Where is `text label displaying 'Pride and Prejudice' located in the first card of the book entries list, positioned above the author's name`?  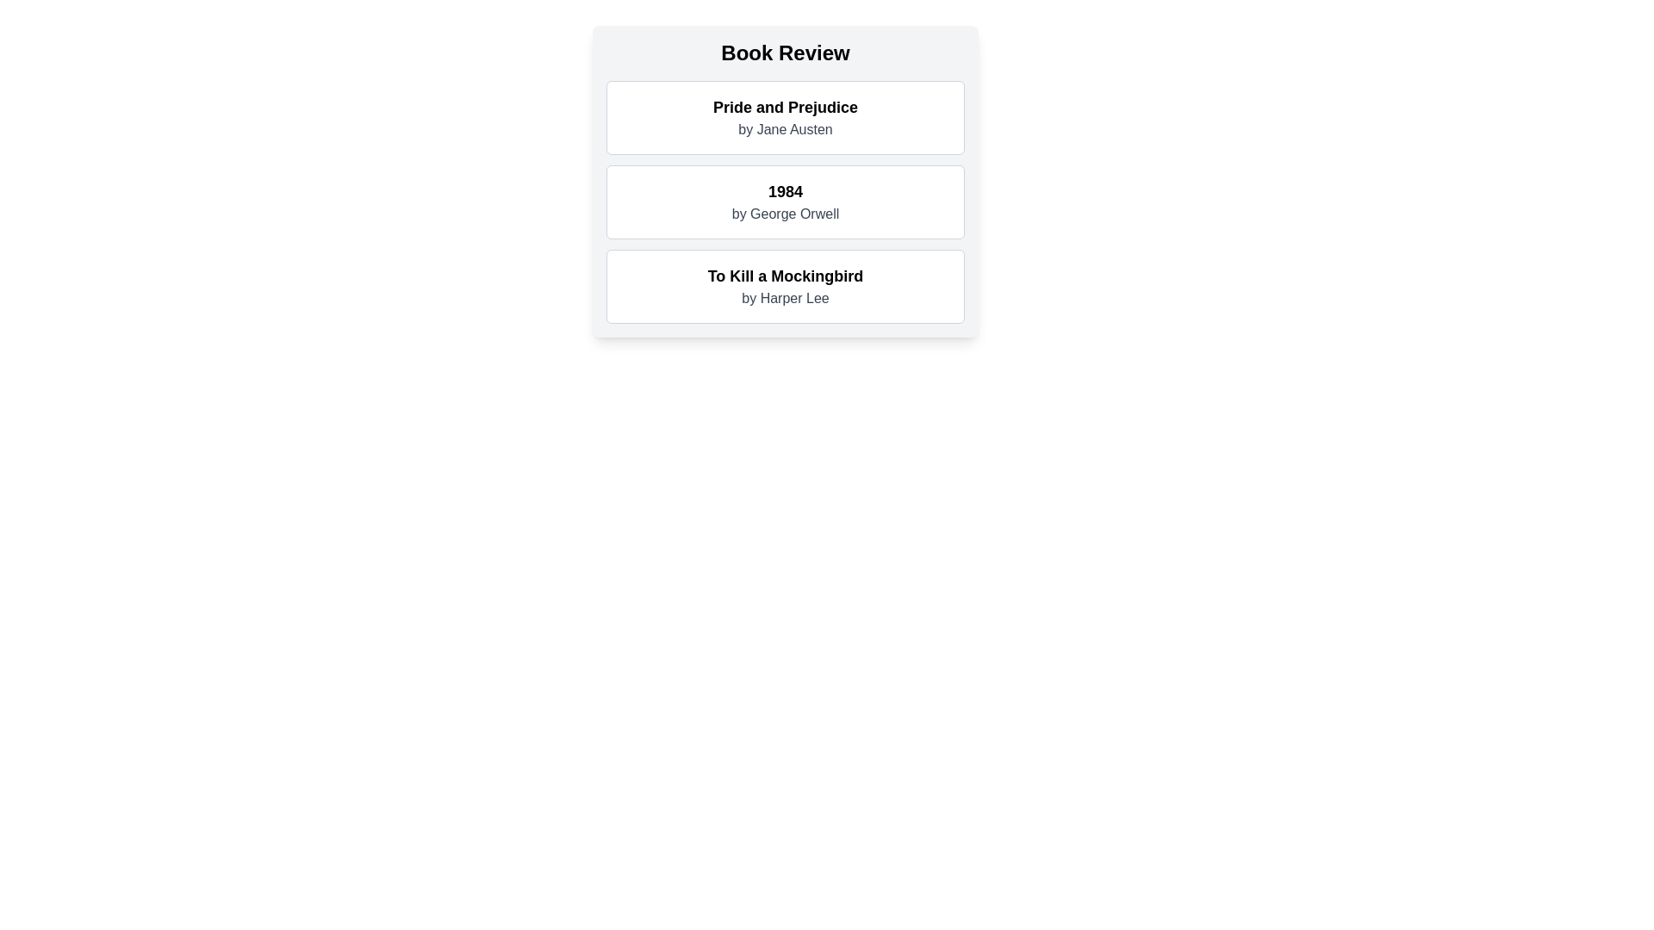 text label displaying 'Pride and Prejudice' located in the first card of the book entries list, positioned above the author's name is located at coordinates (785, 107).